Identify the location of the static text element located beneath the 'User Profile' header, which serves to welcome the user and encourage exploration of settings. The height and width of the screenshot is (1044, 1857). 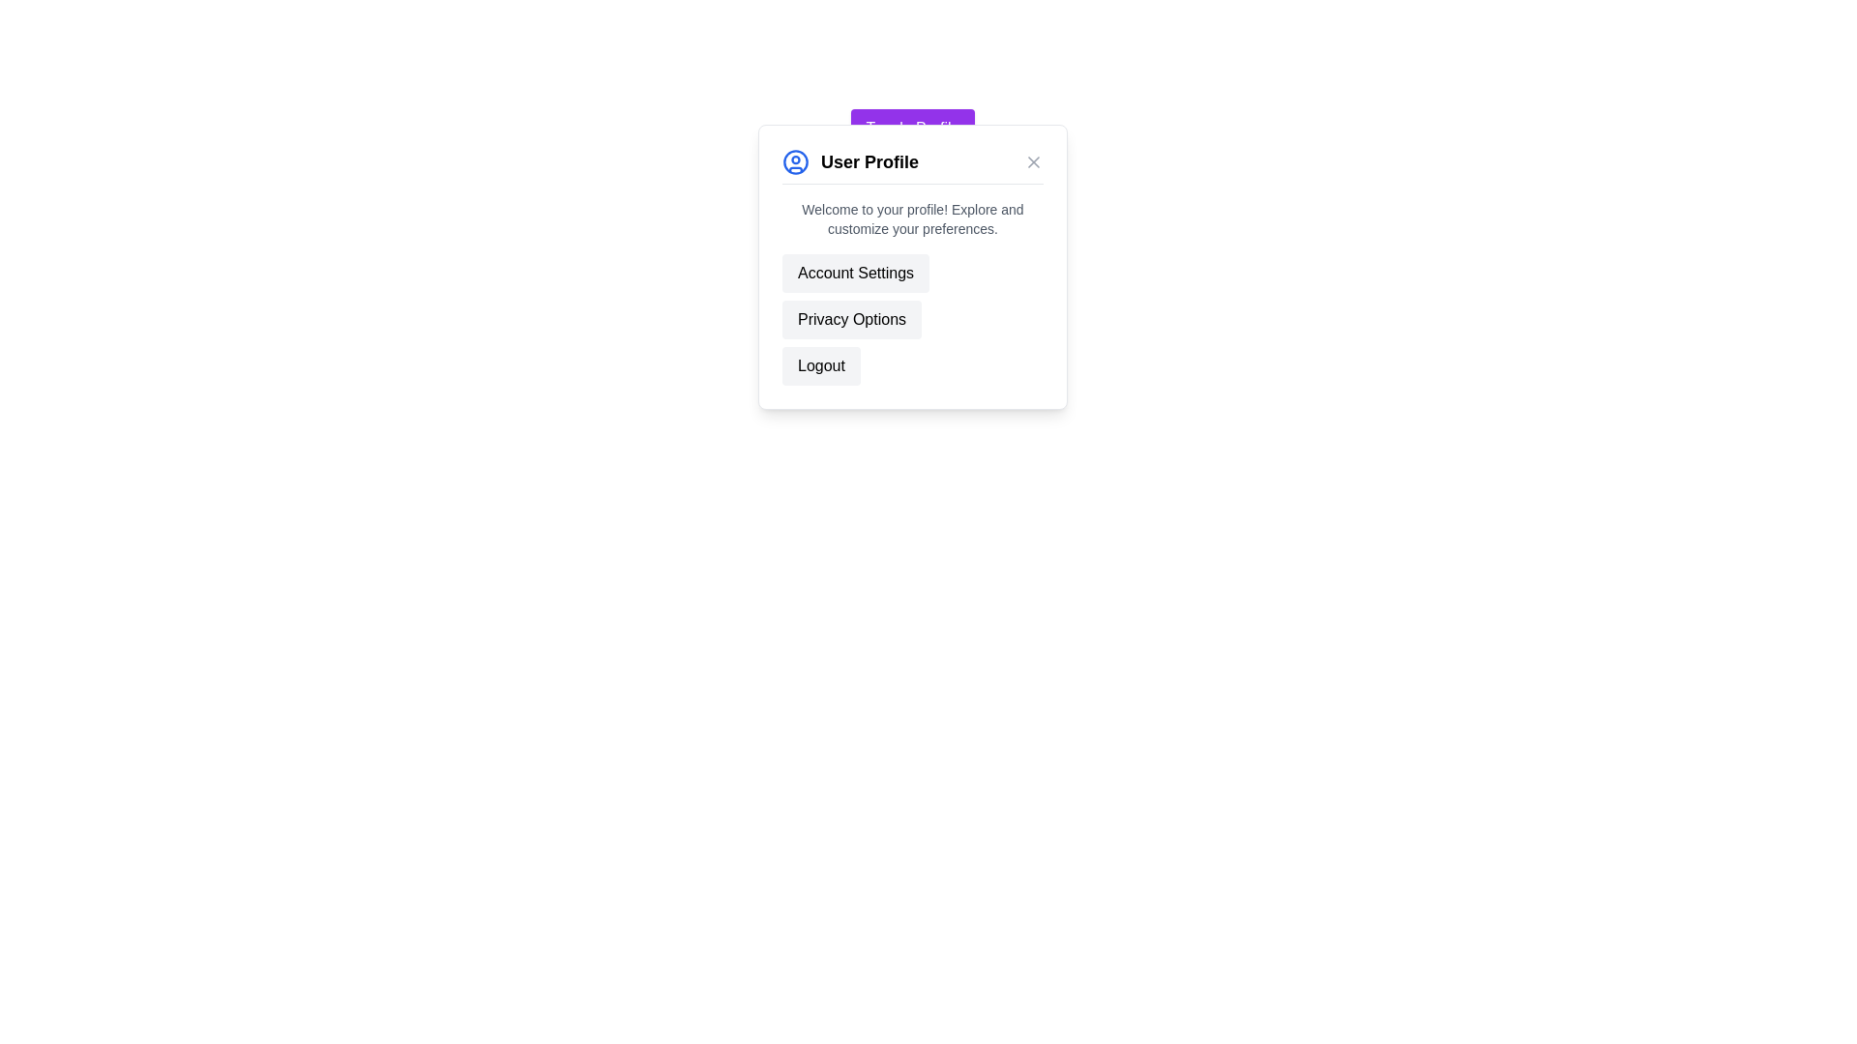
(912, 218).